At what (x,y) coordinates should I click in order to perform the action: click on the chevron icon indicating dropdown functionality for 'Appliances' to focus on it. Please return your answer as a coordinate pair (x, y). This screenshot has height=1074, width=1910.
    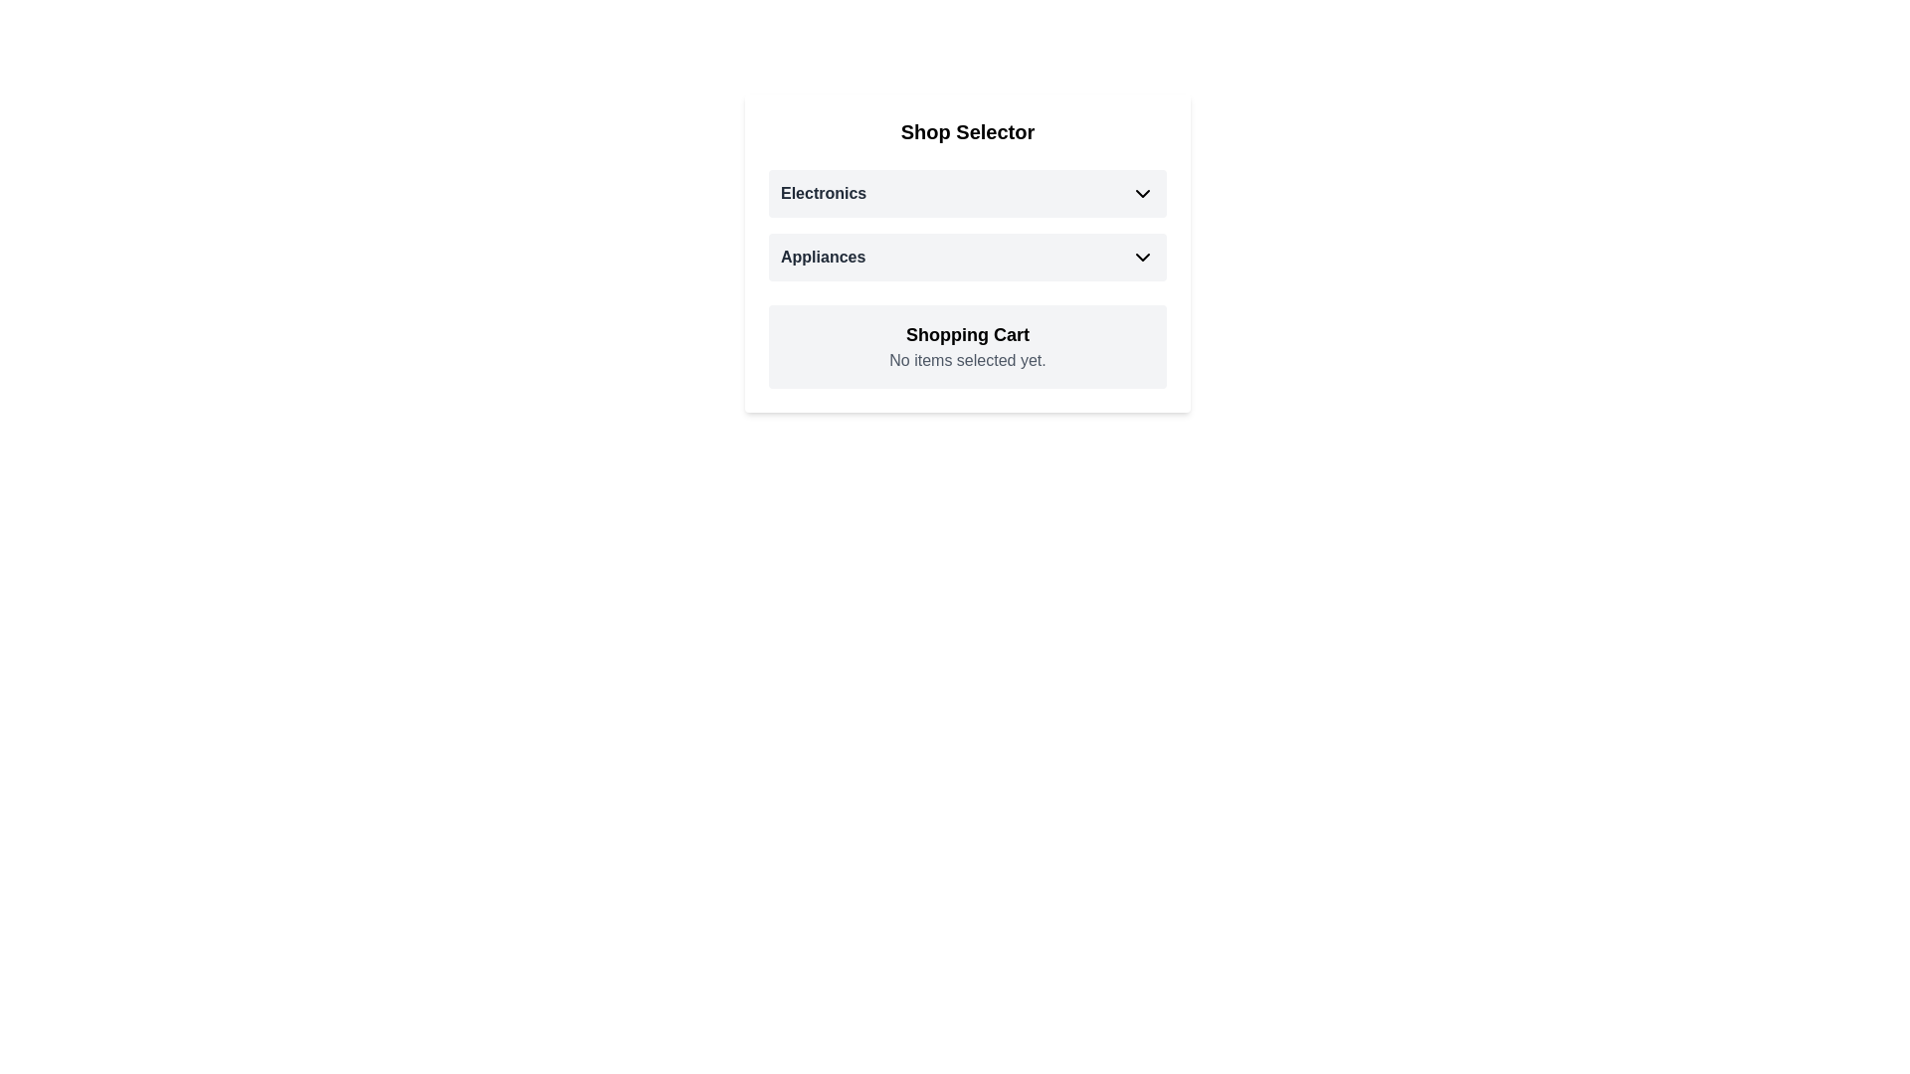
    Looking at the image, I should click on (1142, 256).